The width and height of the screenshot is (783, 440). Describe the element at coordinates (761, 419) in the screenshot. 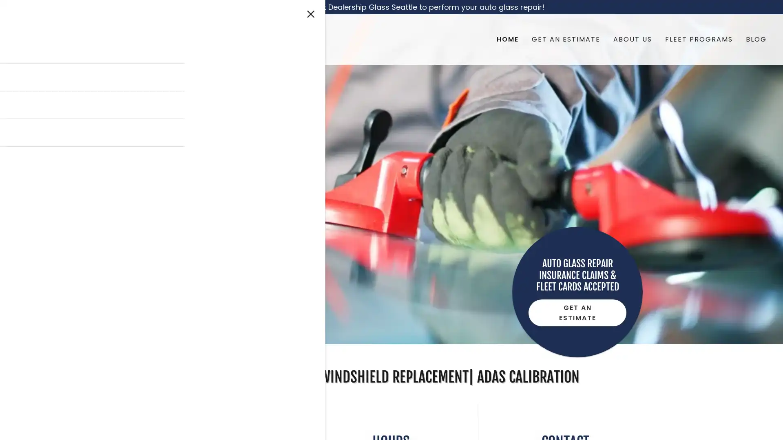

I see `Chat widget toggle` at that location.